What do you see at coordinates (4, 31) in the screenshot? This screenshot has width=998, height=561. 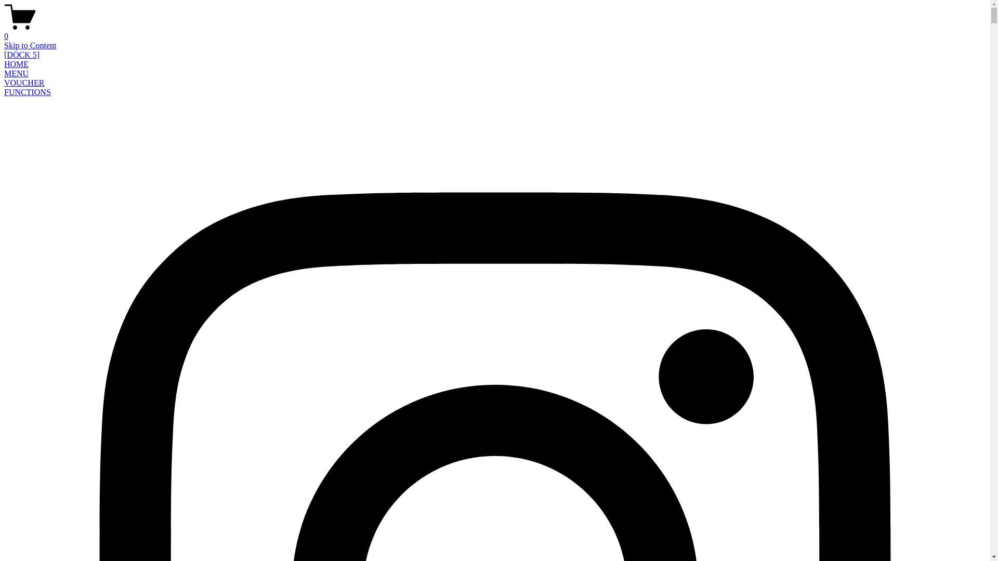 I see `'0'` at bounding box center [4, 31].